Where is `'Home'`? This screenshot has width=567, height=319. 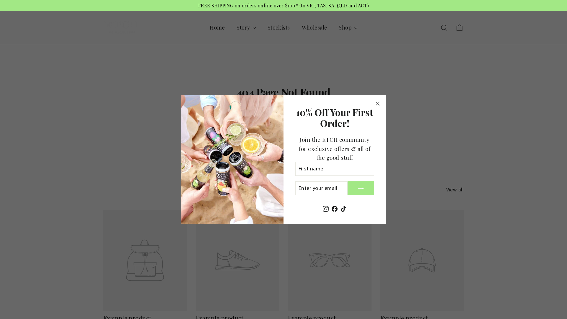 'Home' is located at coordinates (217, 27).